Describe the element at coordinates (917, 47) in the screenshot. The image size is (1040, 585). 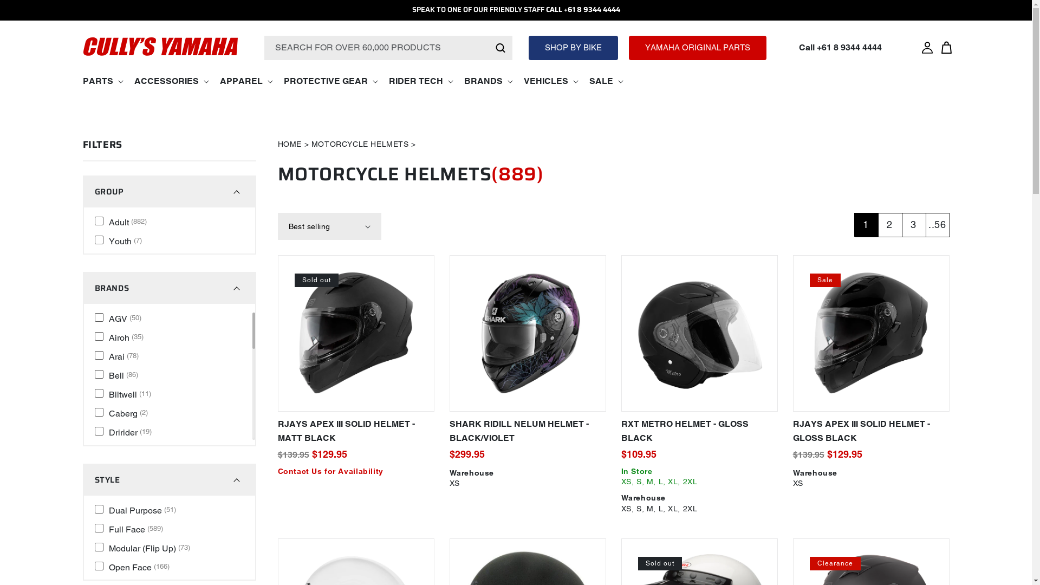
I see `'Log in'` at that location.